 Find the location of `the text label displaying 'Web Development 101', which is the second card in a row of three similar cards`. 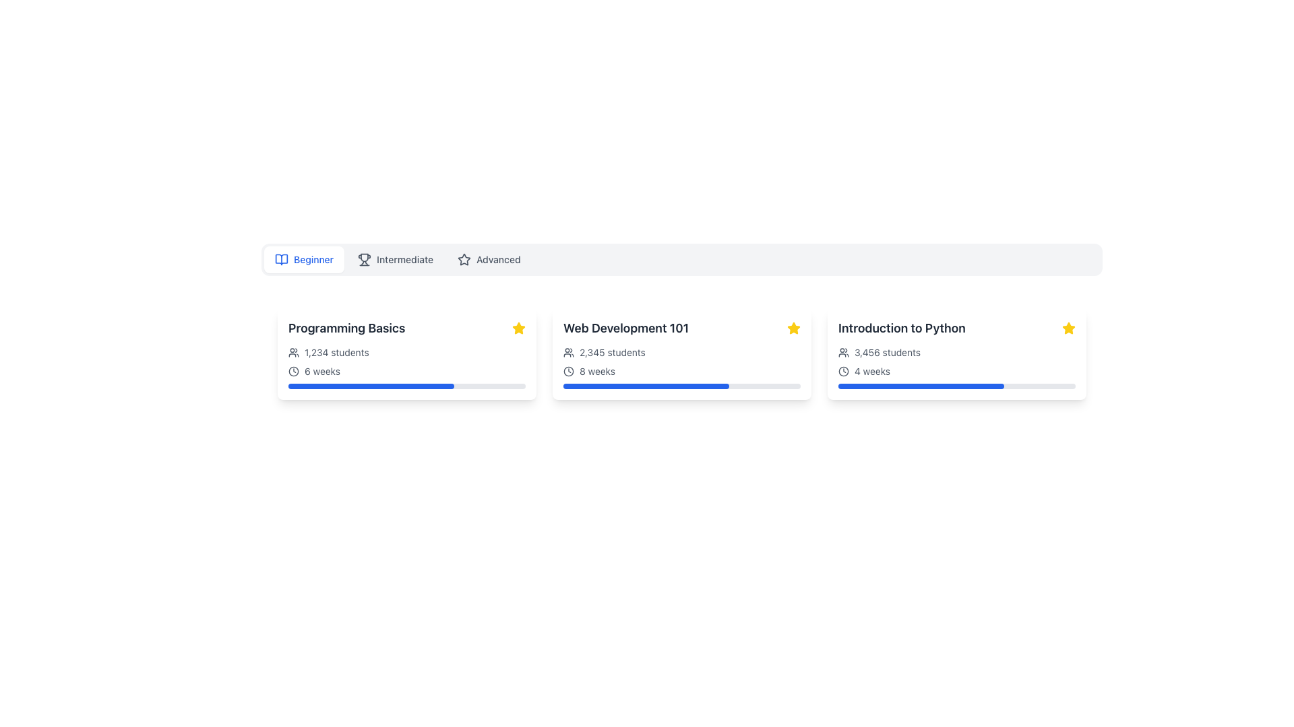

the text label displaying 'Web Development 101', which is the second card in a row of three similar cards is located at coordinates (682, 328).